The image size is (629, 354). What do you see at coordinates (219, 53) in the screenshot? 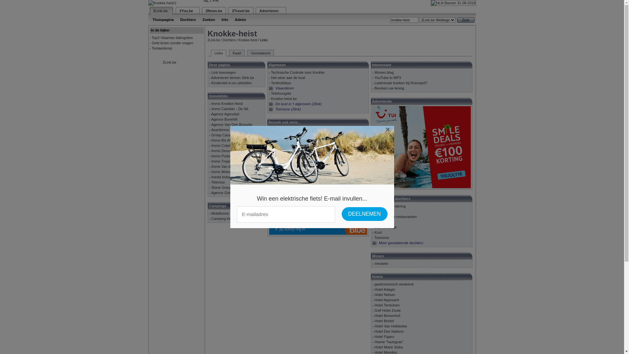
I see `'Links'` at bounding box center [219, 53].